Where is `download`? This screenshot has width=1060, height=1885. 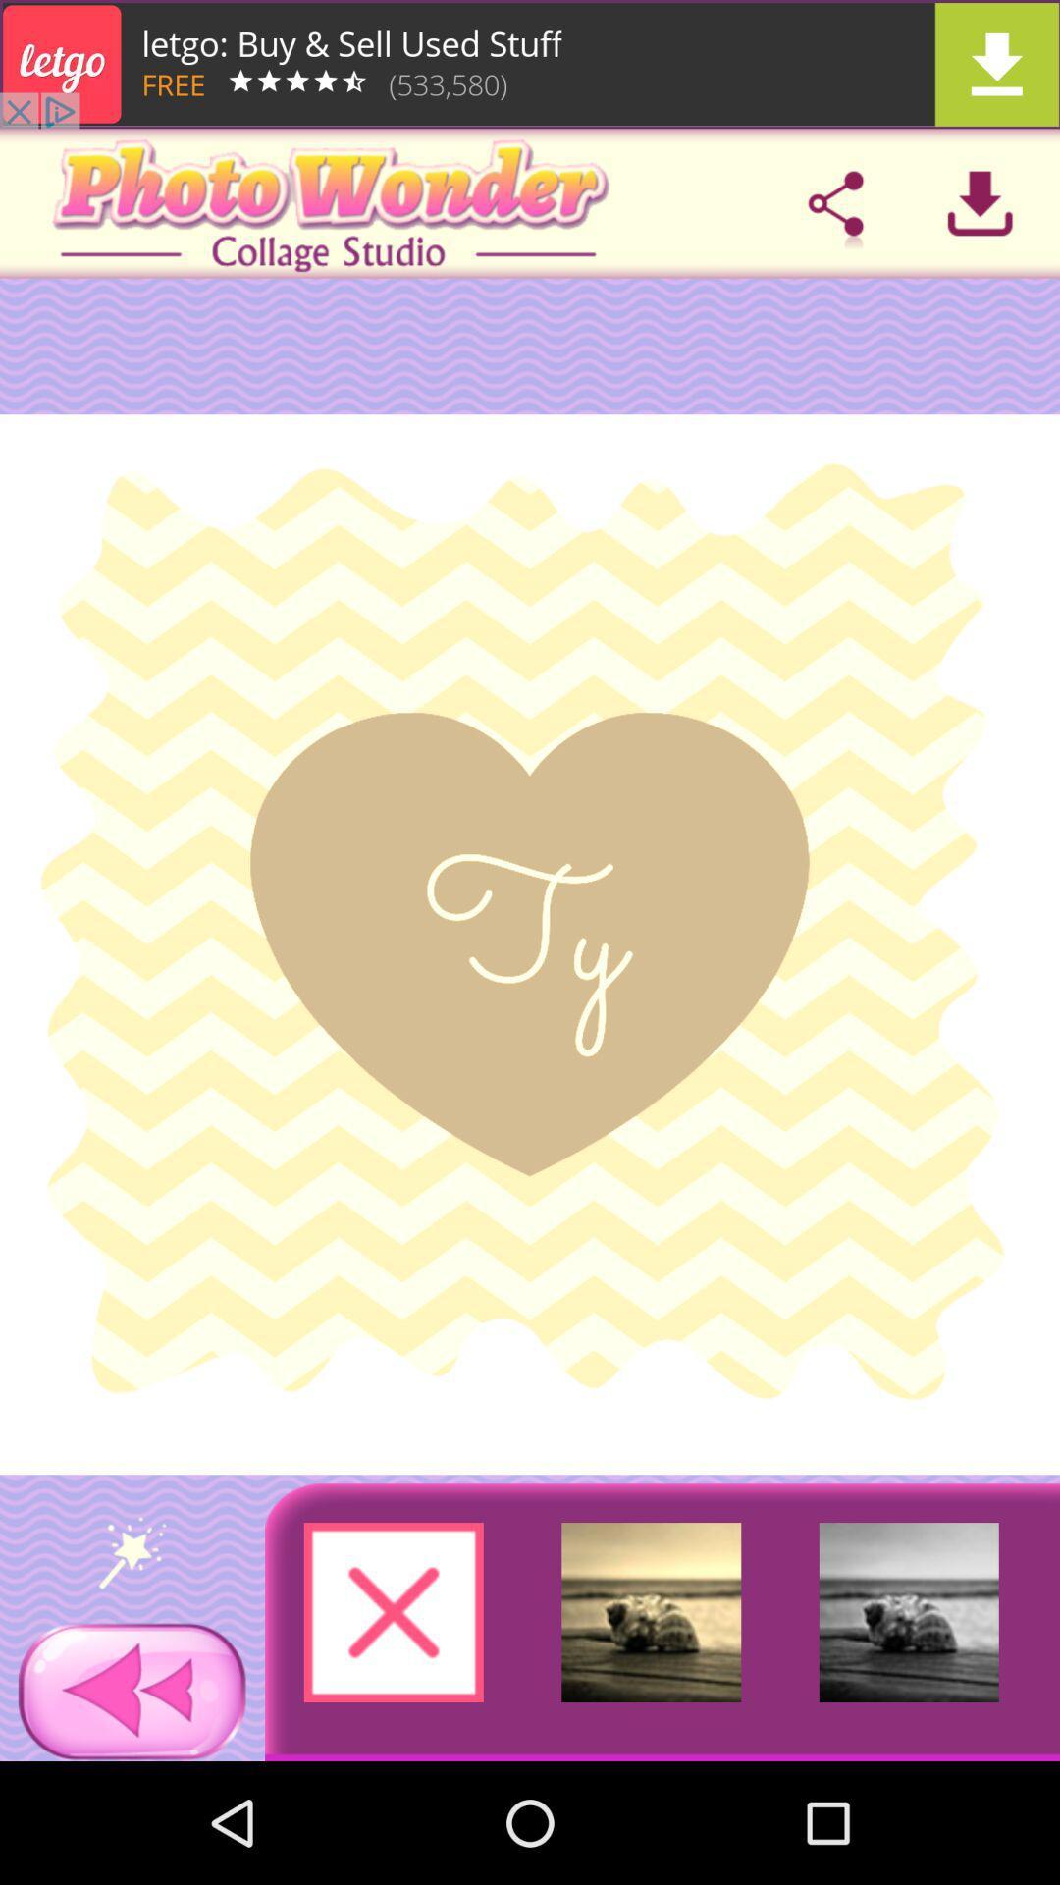
download is located at coordinates (980, 203).